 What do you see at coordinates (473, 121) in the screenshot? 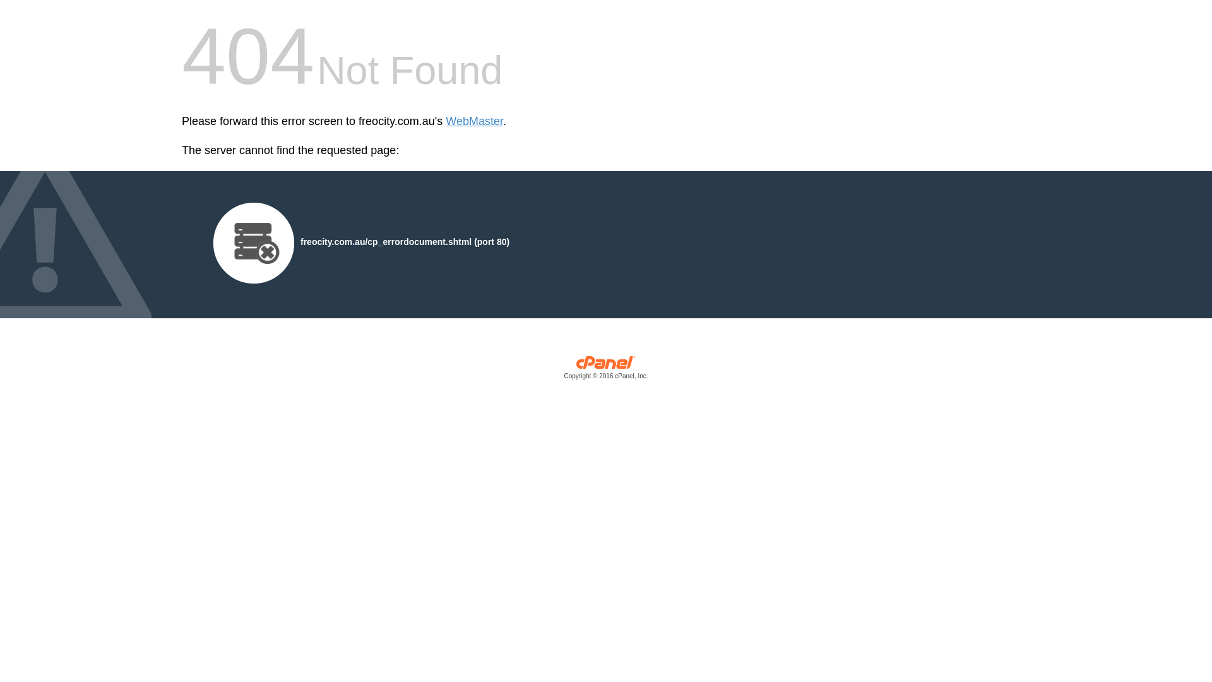
I see `'WebMaster'` at bounding box center [473, 121].